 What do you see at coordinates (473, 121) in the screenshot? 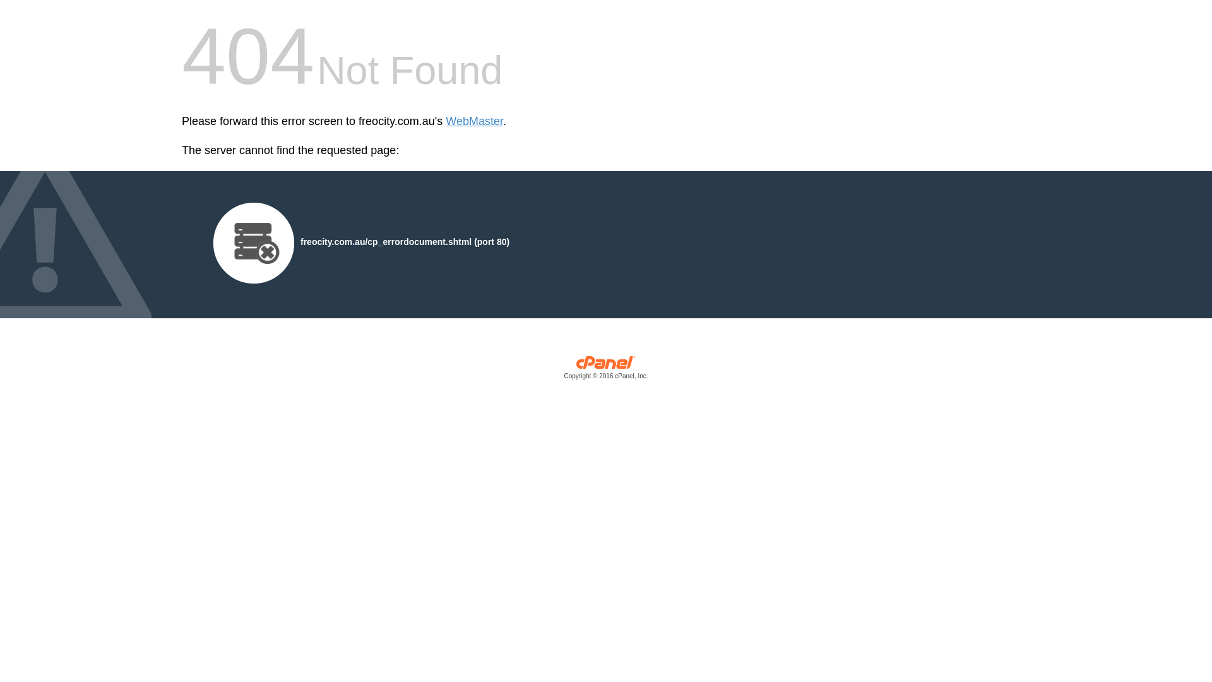
I see `'WebMaster'` at bounding box center [473, 121].